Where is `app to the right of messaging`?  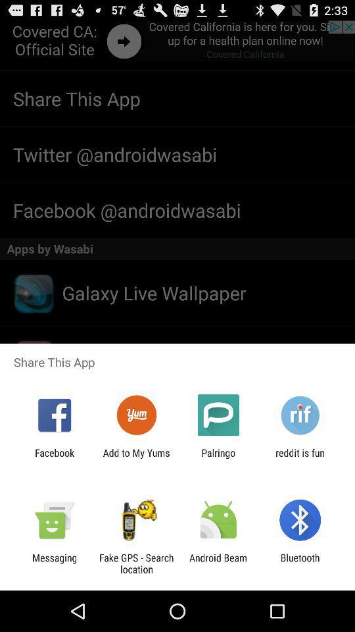 app to the right of messaging is located at coordinates (135, 563).